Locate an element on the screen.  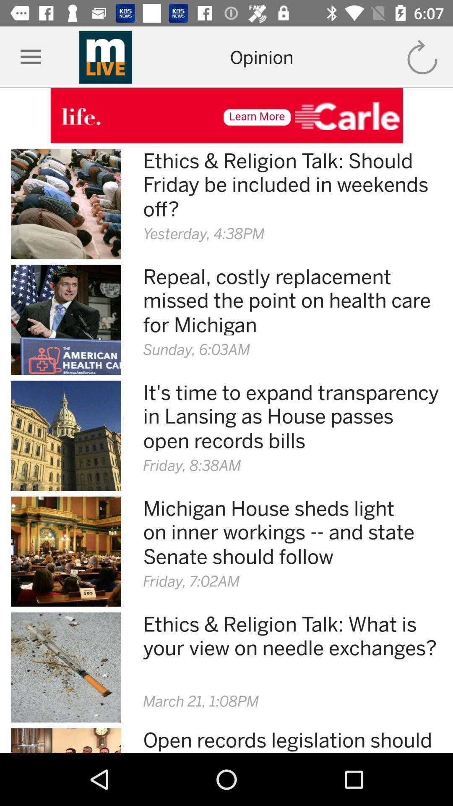
menu is located at coordinates (30, 57).